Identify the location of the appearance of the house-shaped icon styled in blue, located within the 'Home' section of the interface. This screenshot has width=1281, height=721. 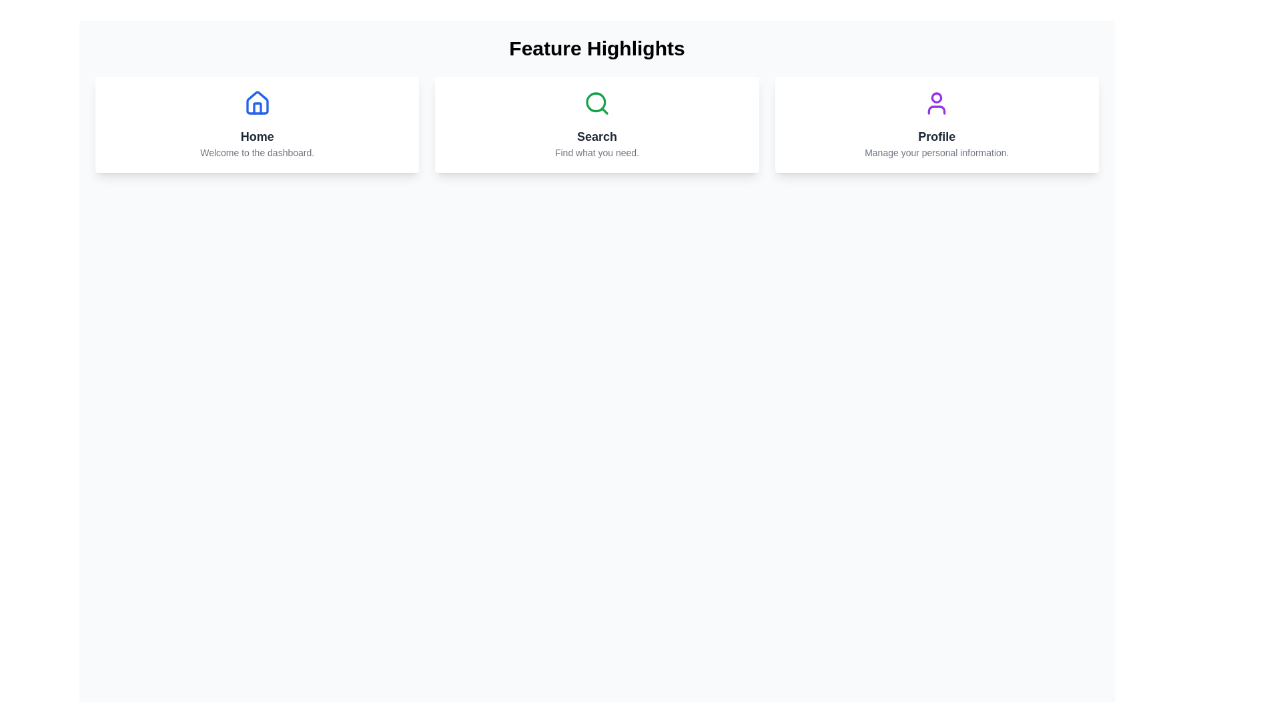
(257, 102).